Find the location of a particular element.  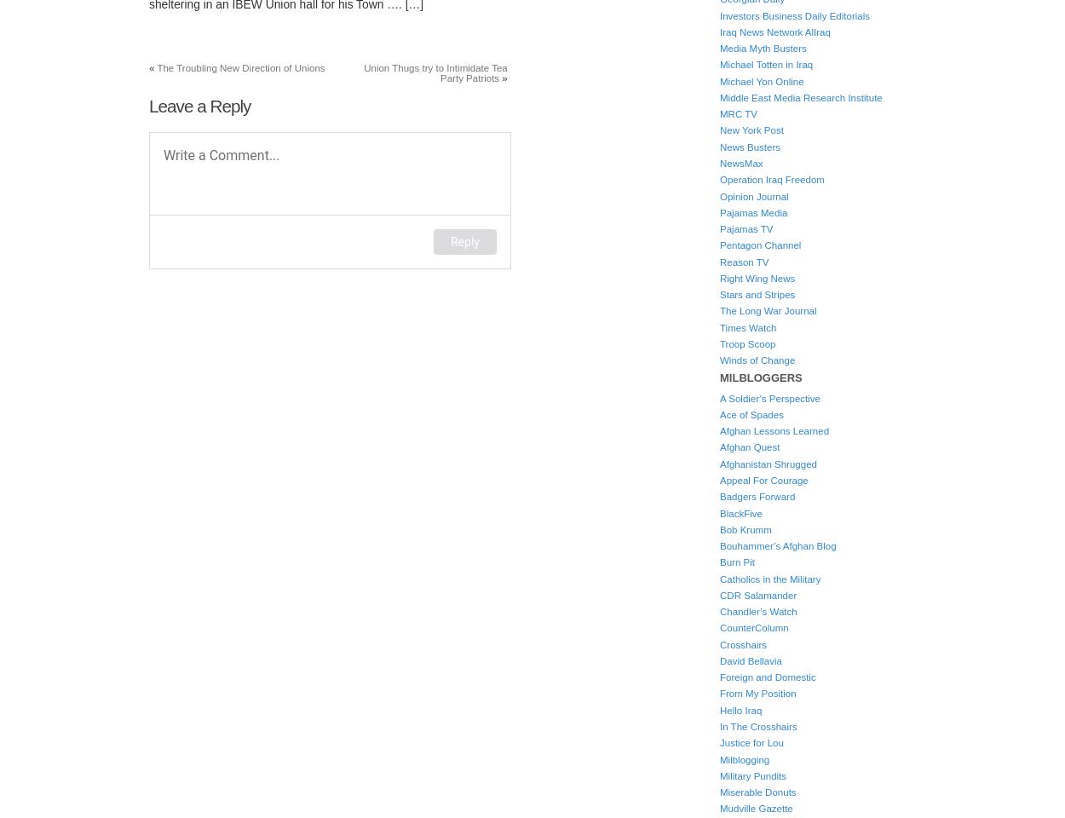

'Milbloggers' is located at coordinates (761, 377).